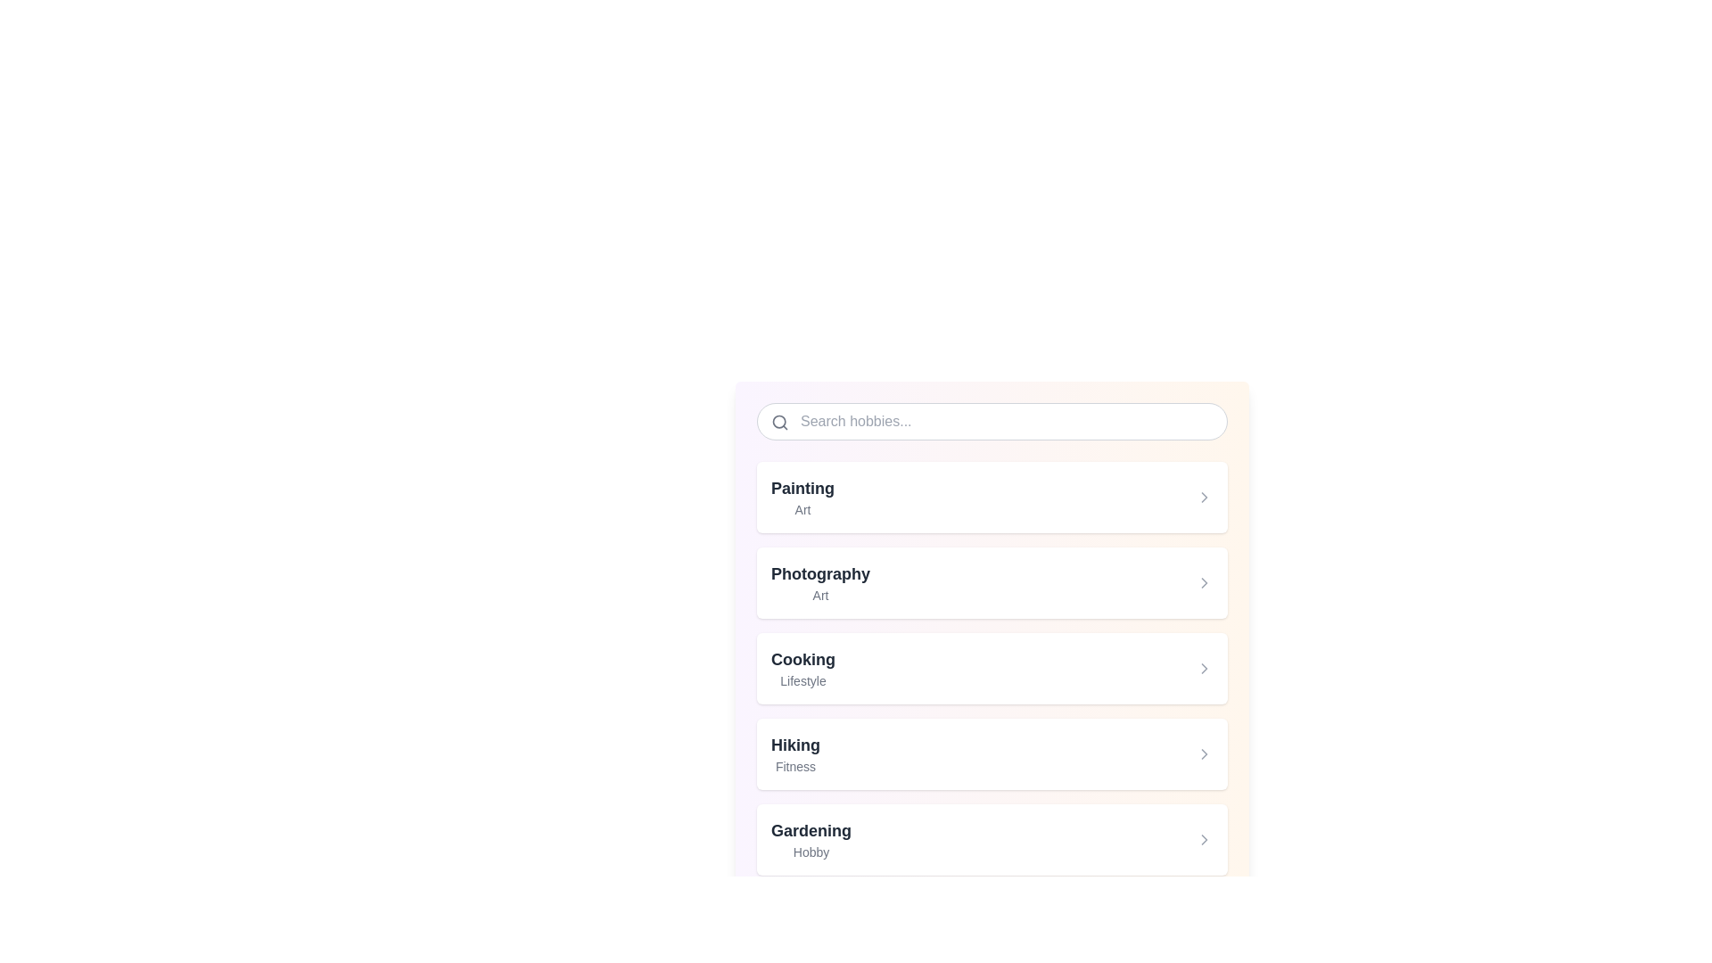 This screenshot has height=963, width=1712. Describe the element at coordinates (802, 509) in the screenshot. I see `the label displaying the text 'Art', which is positioned beneath the larger text 'Painting' in a list interface` at that location.